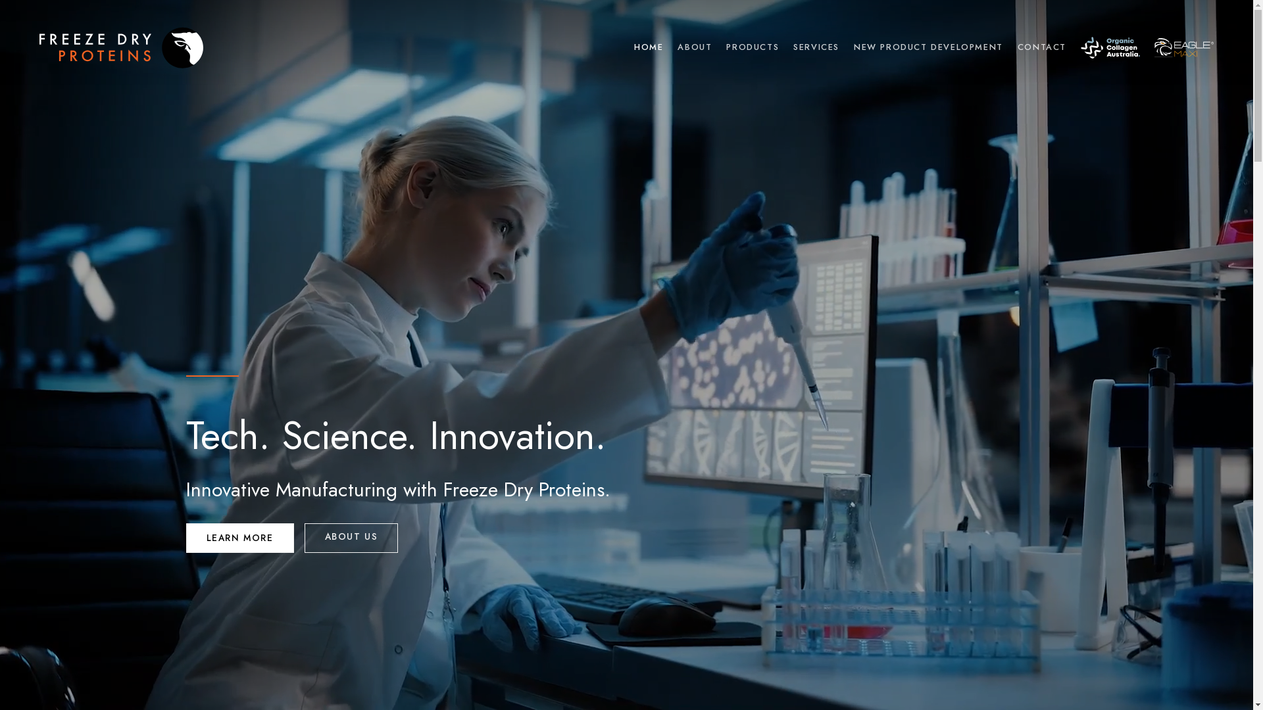  What do you see at coordinates (816, 47) in the screenshot?
I see `'SERVICES'` at bounding box center [816, 47].